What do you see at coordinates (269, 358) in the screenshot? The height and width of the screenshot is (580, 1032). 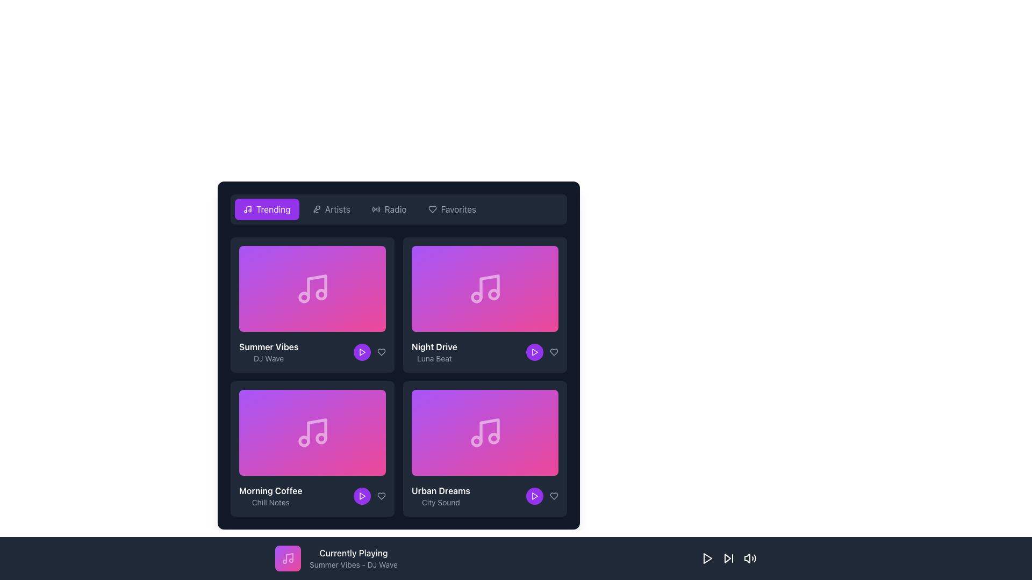 I see `text label 'DJ Wave' located below the title 'Summer Vibes' in the bottom portion of the box component within the 'Trending' tab` at bounding box center [269, 358].